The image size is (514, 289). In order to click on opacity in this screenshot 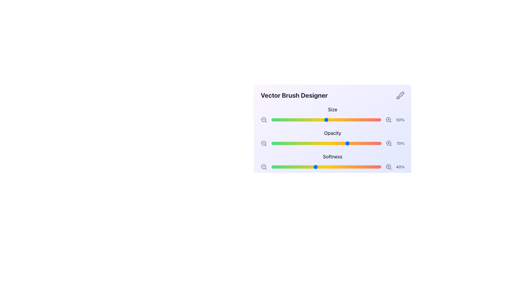, I will do `click(289, 143)`.